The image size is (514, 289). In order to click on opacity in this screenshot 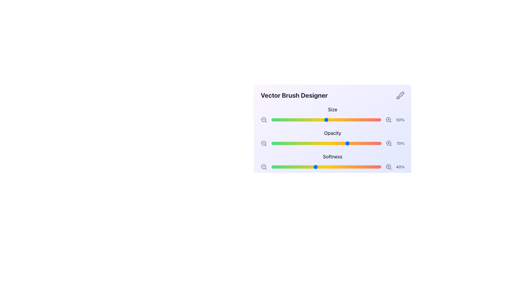, I will do `click(289, 143)`.